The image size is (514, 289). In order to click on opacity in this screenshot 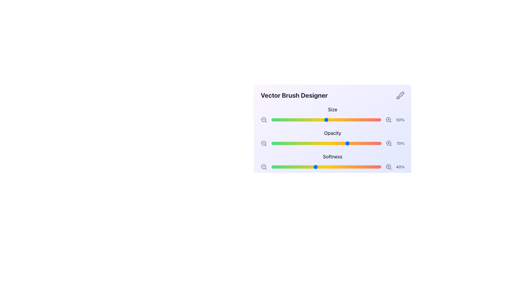, I will do `click(289, 143)`.